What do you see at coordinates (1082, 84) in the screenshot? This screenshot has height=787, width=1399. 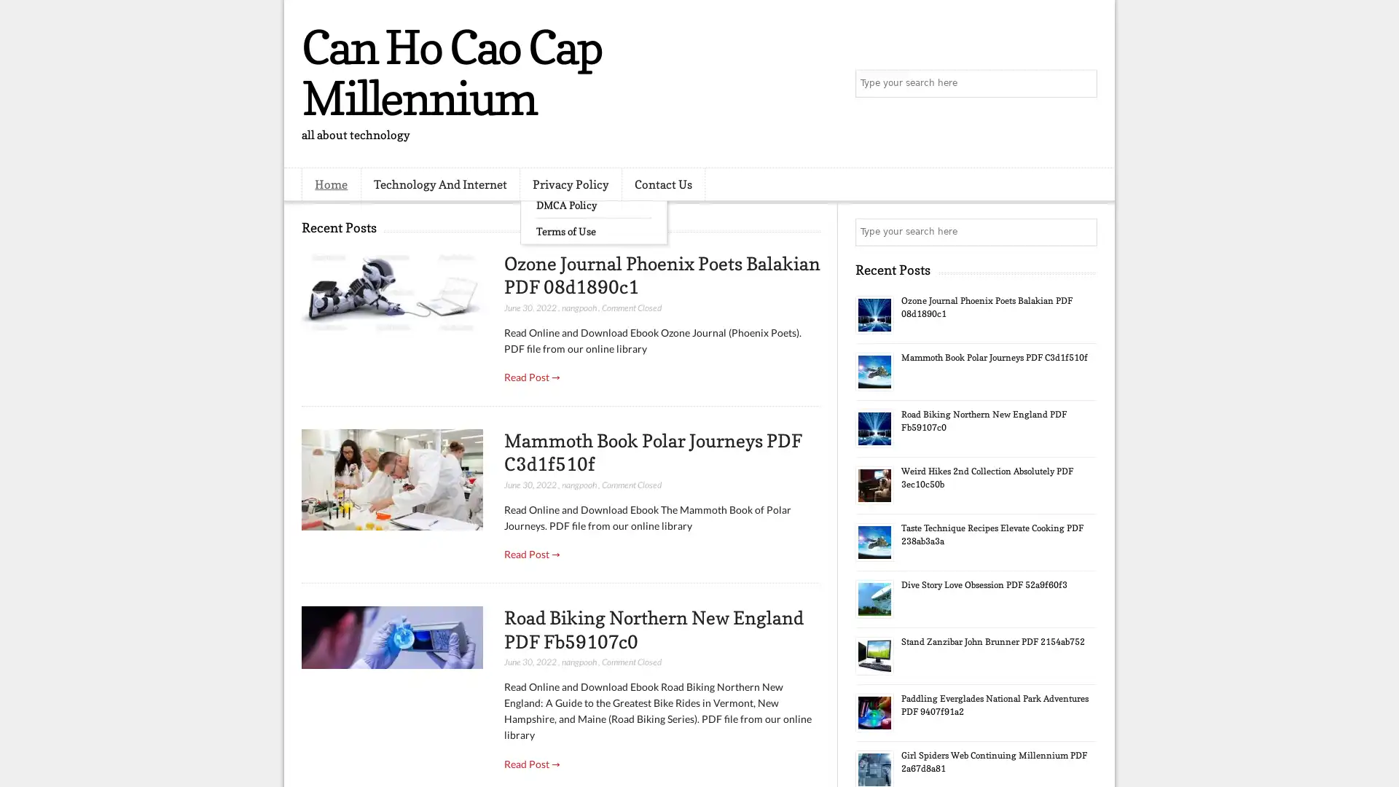 I see `Search` at bounding box center [1082, 84].